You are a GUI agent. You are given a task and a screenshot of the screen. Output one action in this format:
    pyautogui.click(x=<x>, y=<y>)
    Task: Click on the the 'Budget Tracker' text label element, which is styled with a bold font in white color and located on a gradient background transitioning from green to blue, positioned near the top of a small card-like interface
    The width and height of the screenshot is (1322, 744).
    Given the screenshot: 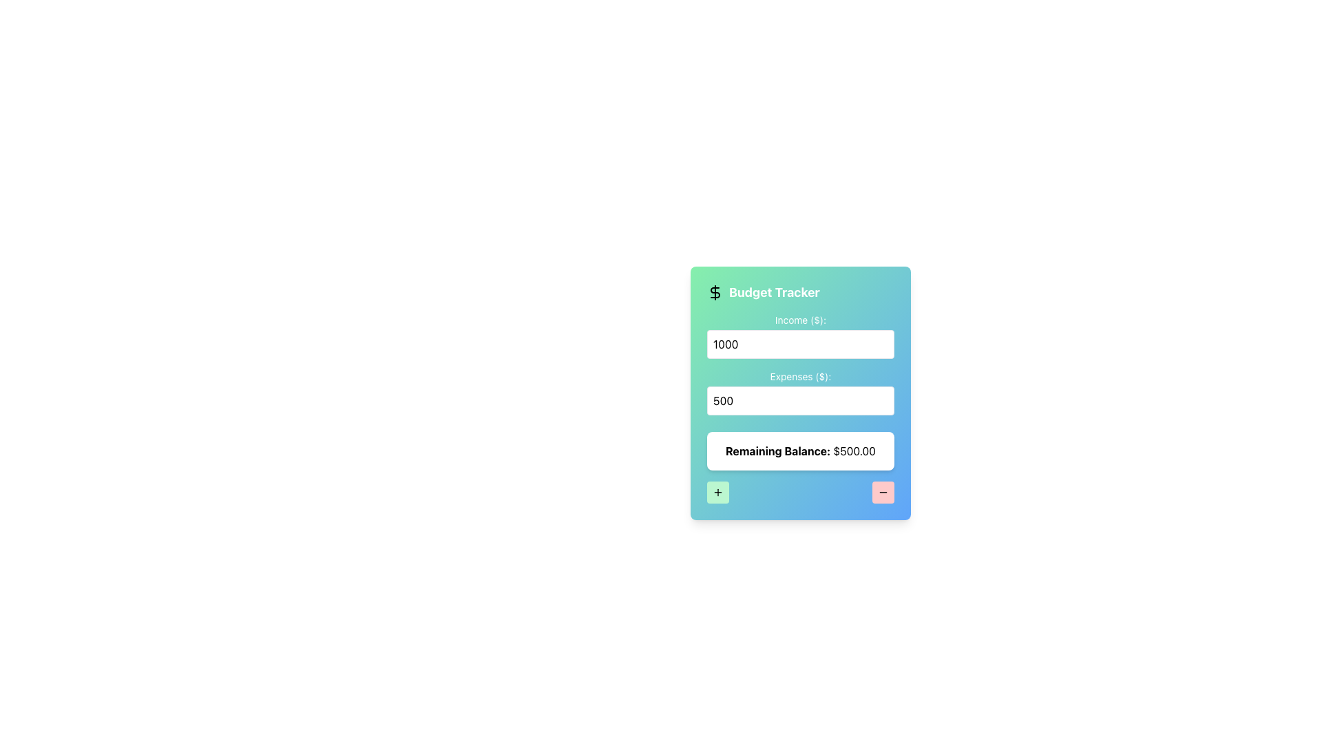 What is the action you would take?
    pyautogui.click(x=774, y=291)
    